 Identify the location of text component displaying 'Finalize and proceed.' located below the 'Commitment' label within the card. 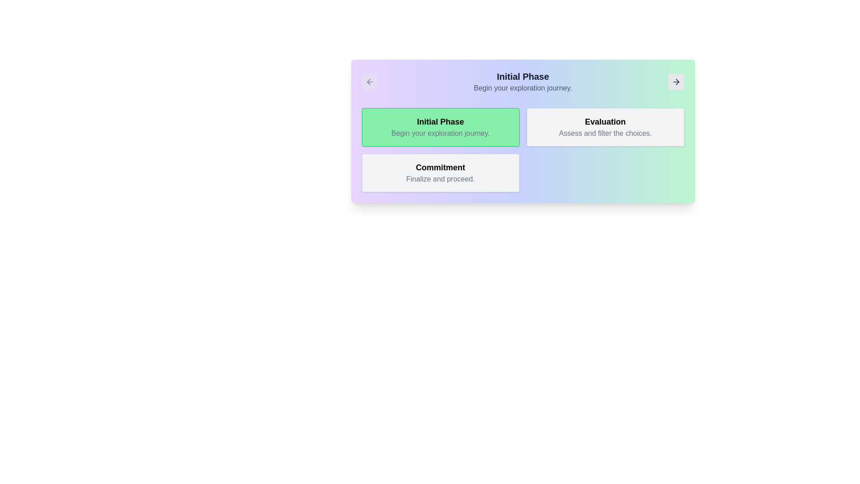
(440, 179).